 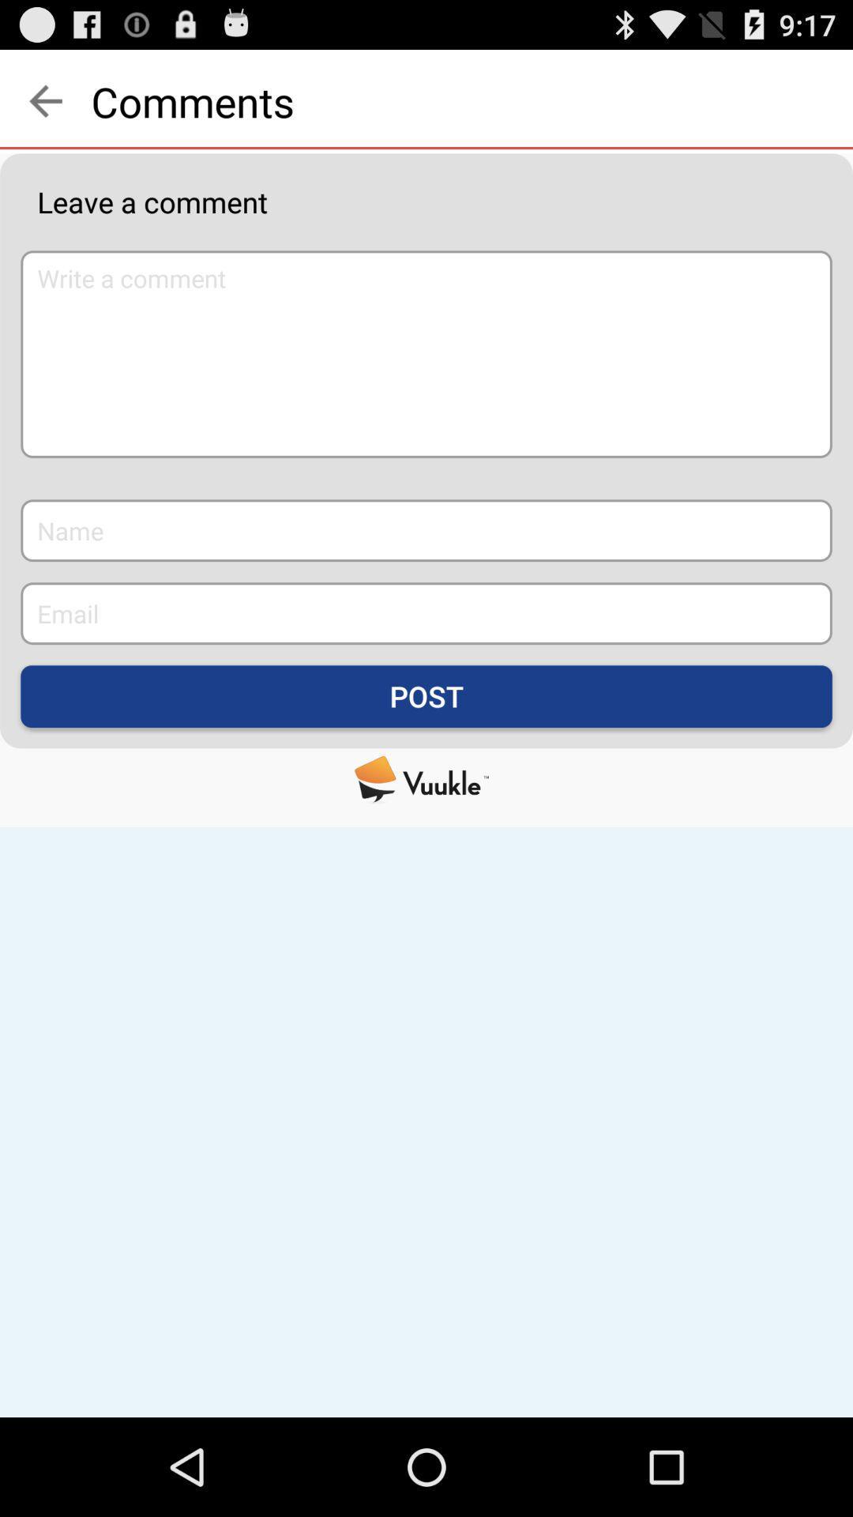 I want to click on email, so click(x=426, y=612).